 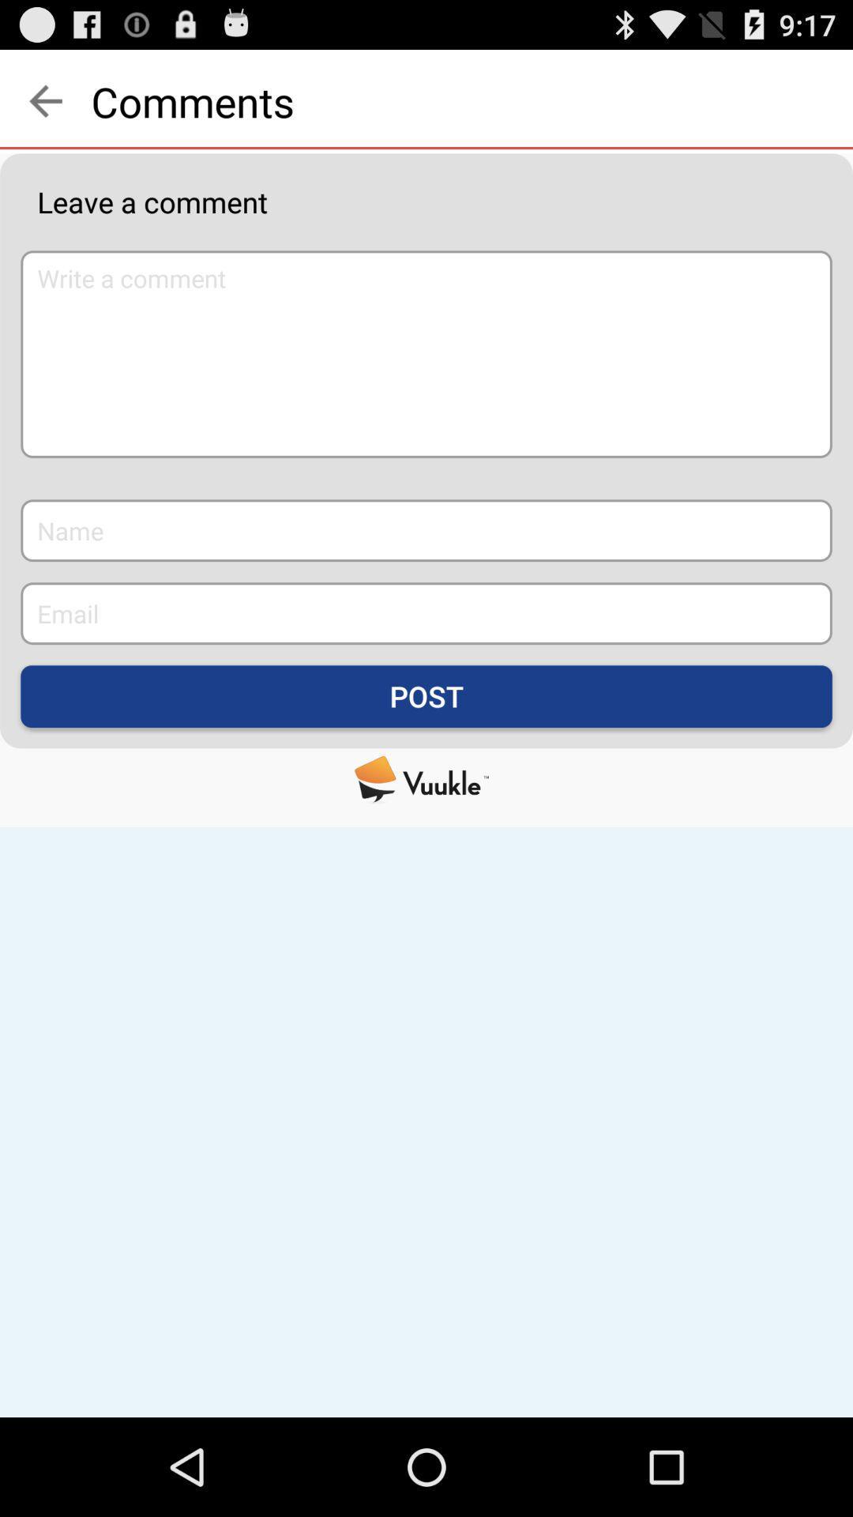 I want to click on email, so click(x=426, y=612).